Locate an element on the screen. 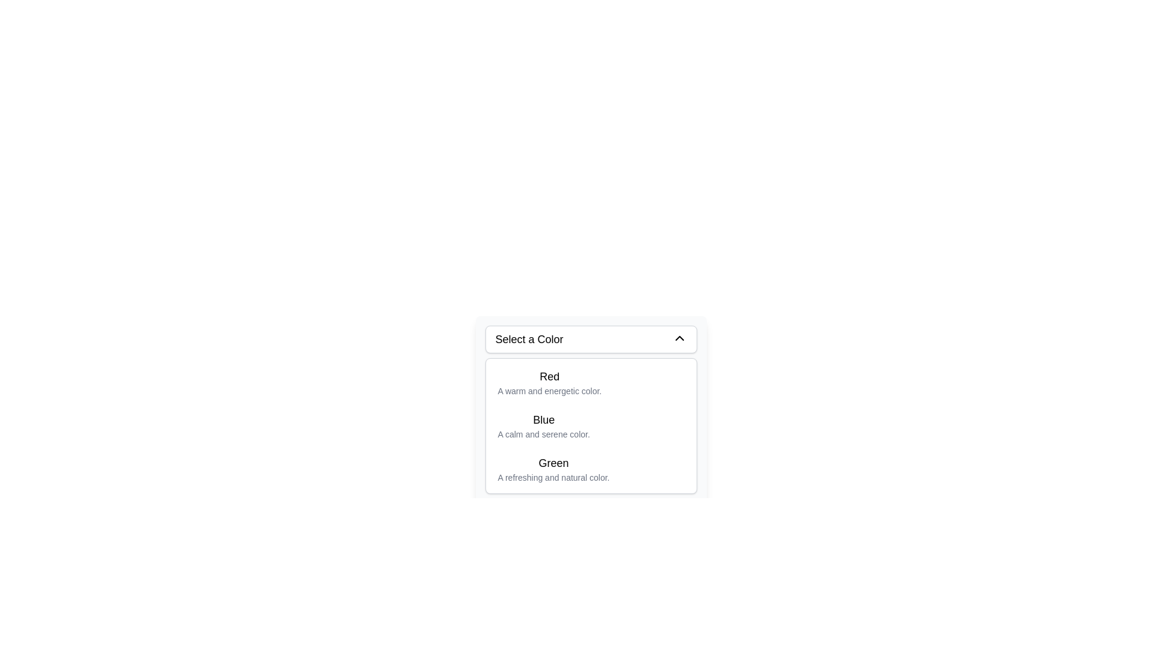 Image resolution: width=1155 pixels, height=649 pixels. the second item in a vertically aligned list that displays the color option 'Blue' is located at coordinates (591, 425).